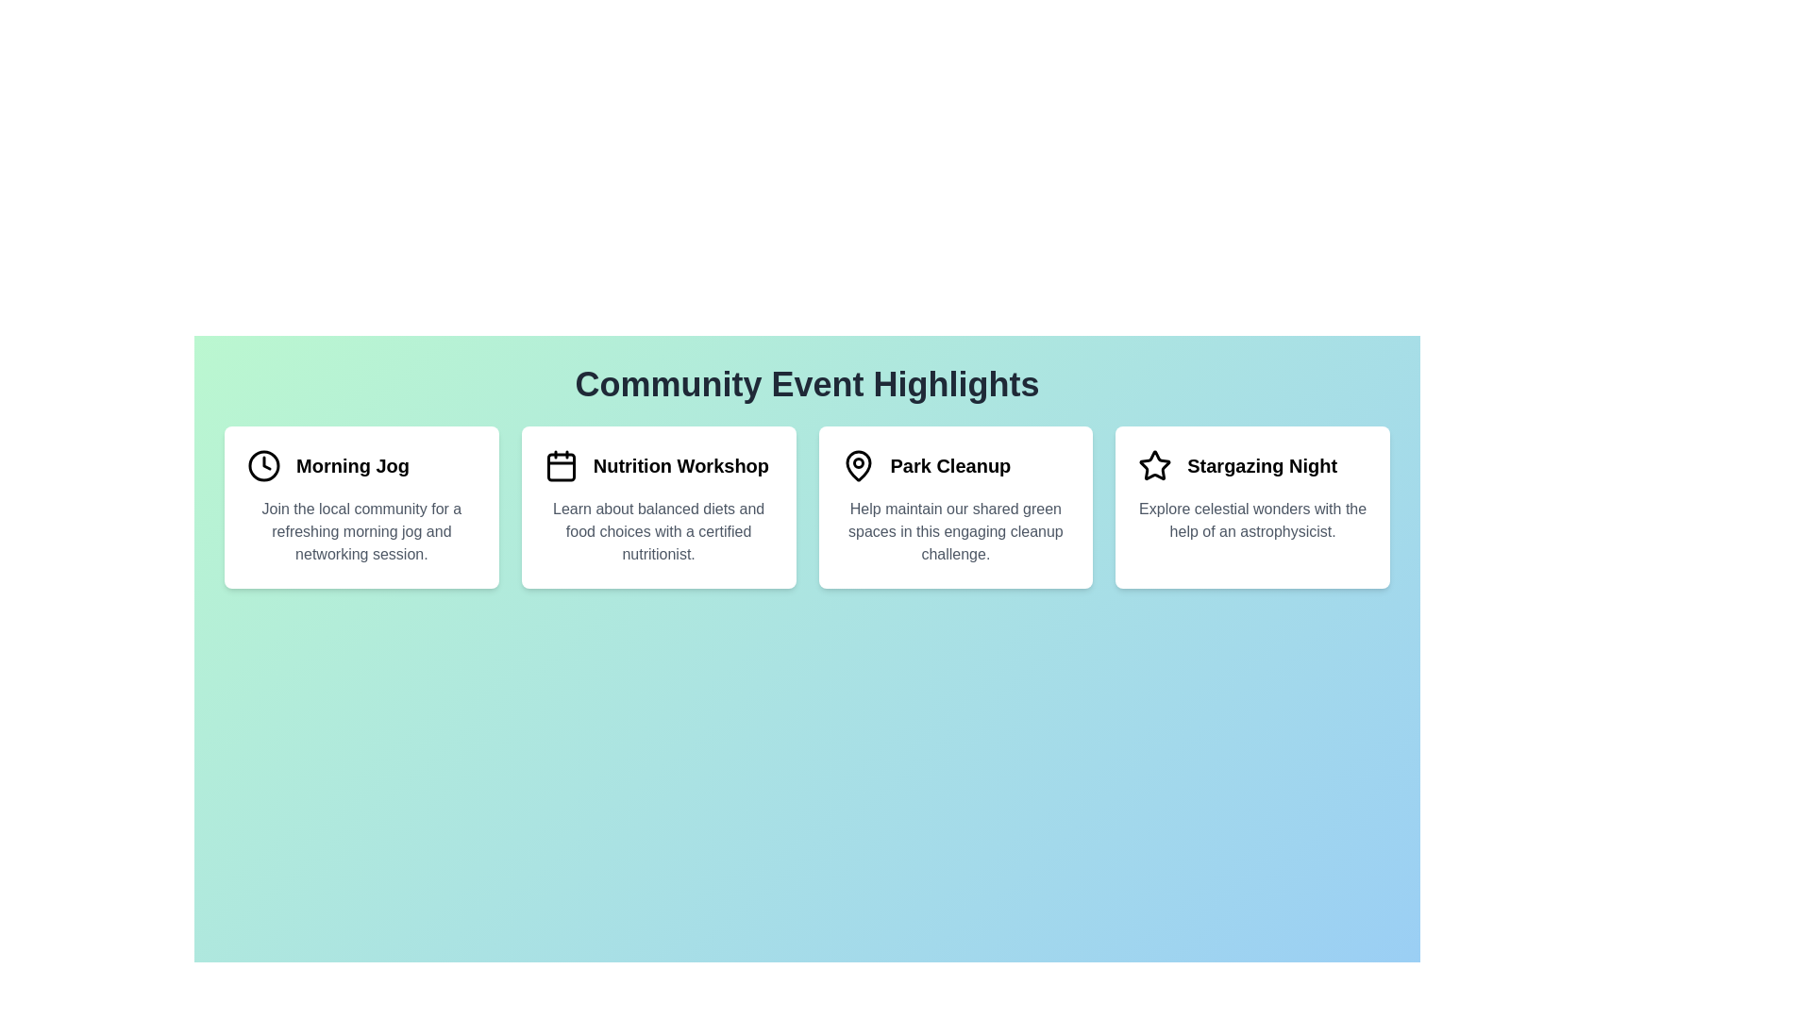  Describe the element at coordinates (950, 465) in the screenshot. I see `the 'Park Cleanup' text label` at that location.